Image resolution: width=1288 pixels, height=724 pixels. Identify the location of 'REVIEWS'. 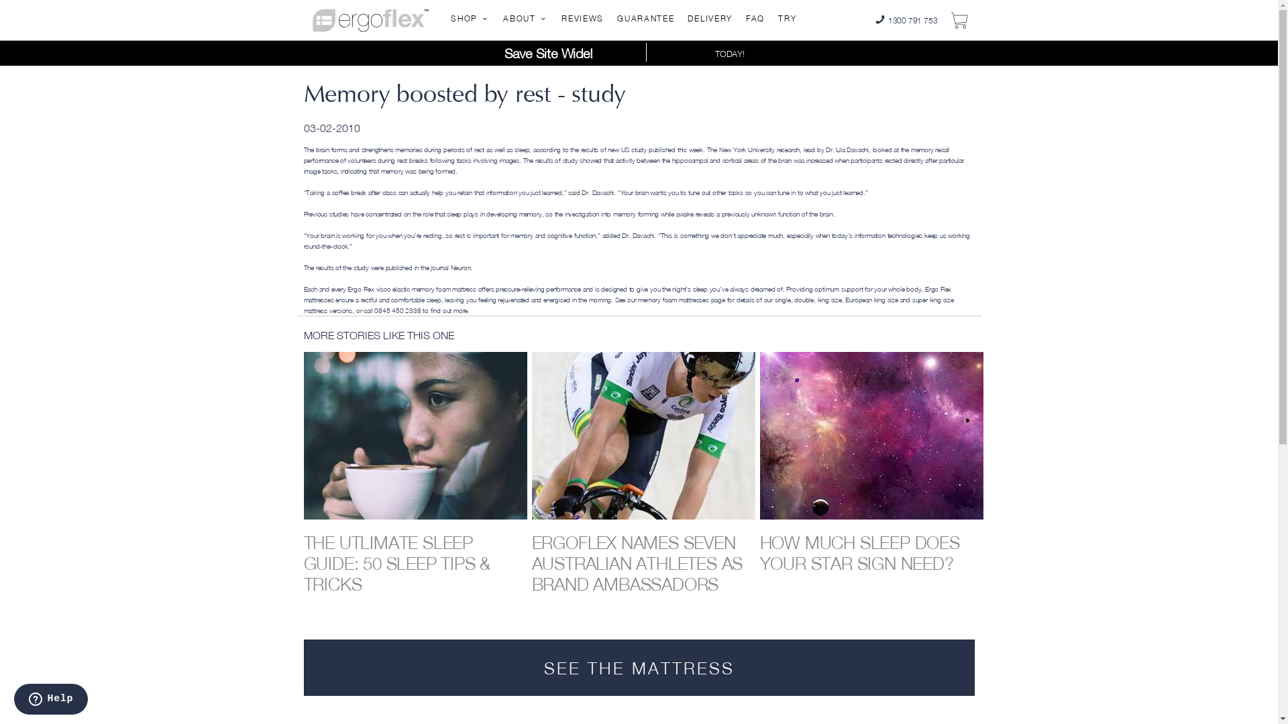
(582, 18).